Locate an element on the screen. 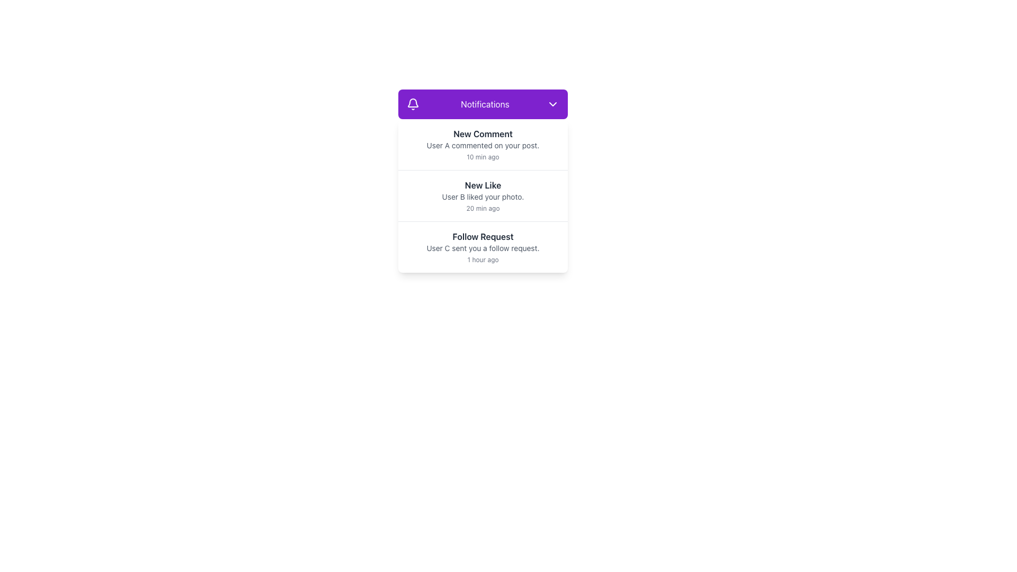 Image resolution: width=1017 pixels, height=572 pixels. the Text Label that provides contextual information about a notification indicating 'User A' commented on a user's post, which is positioned below 'New Comment' and above '10 min ago' is located at coordinates (483, 145).